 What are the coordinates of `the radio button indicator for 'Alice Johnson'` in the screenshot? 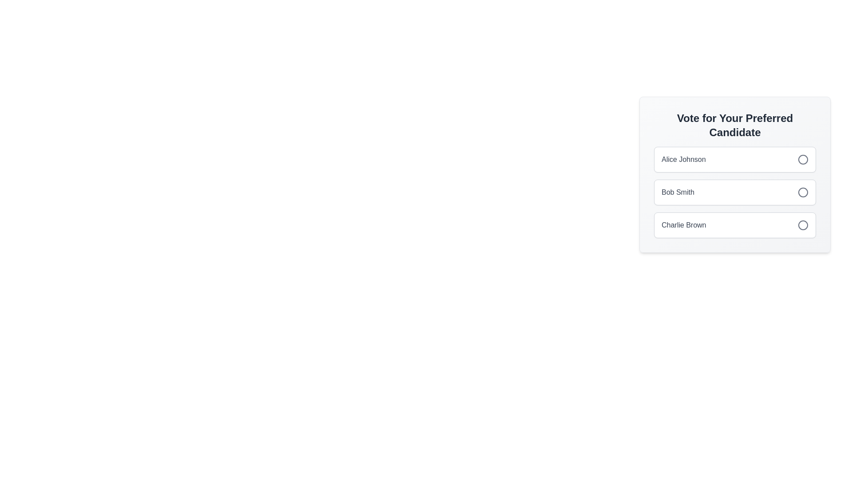 It's located at (803, 159).